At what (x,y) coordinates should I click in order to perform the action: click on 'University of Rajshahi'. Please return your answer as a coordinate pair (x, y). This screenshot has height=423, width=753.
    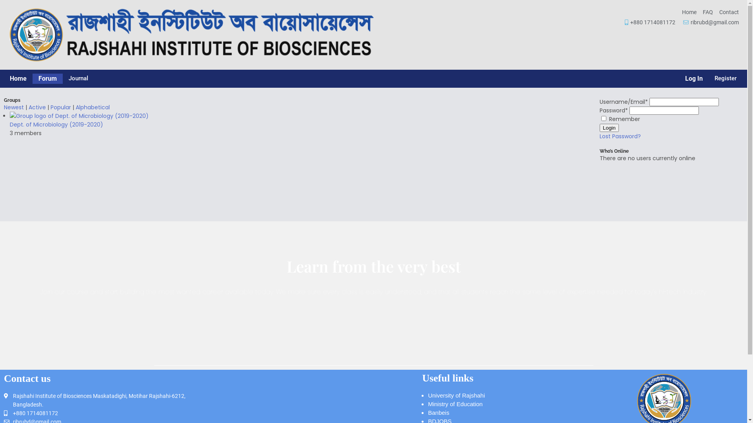
    Looking at the image, I should click on (456, 395).